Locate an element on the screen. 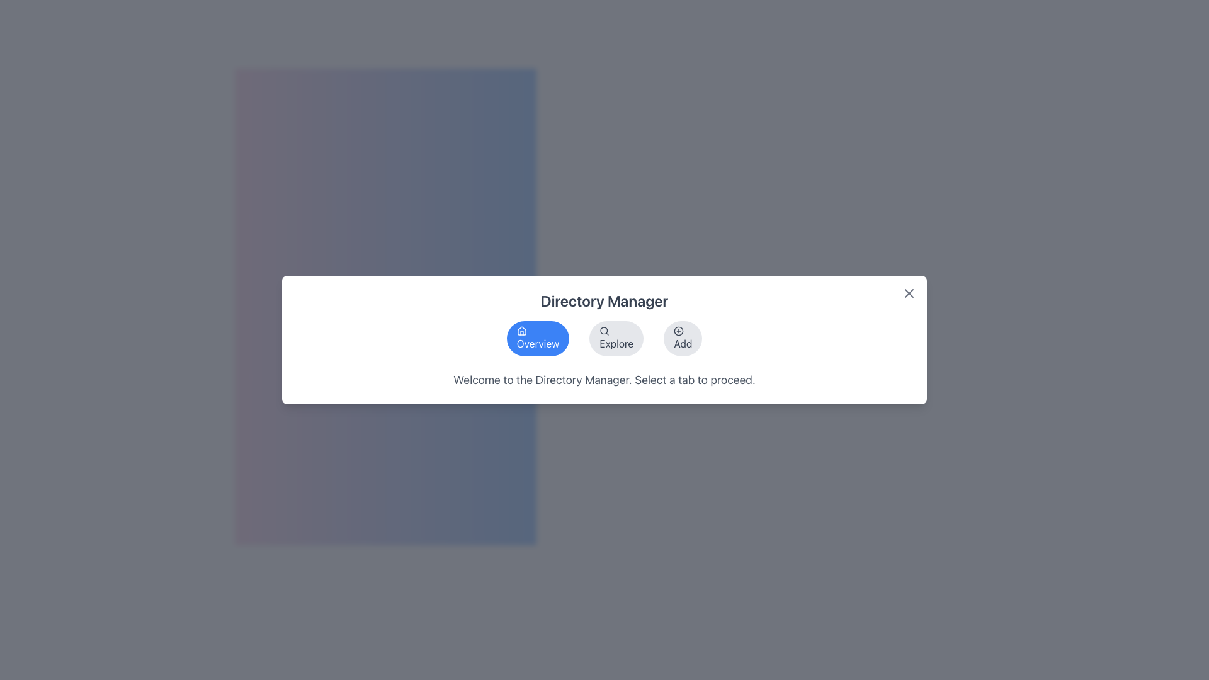 This screenshot has width=1209, height=680. the house icon located inside the 'Overview' button, aligned to the left side of the button's bounds is located at coordinates (521, 330).